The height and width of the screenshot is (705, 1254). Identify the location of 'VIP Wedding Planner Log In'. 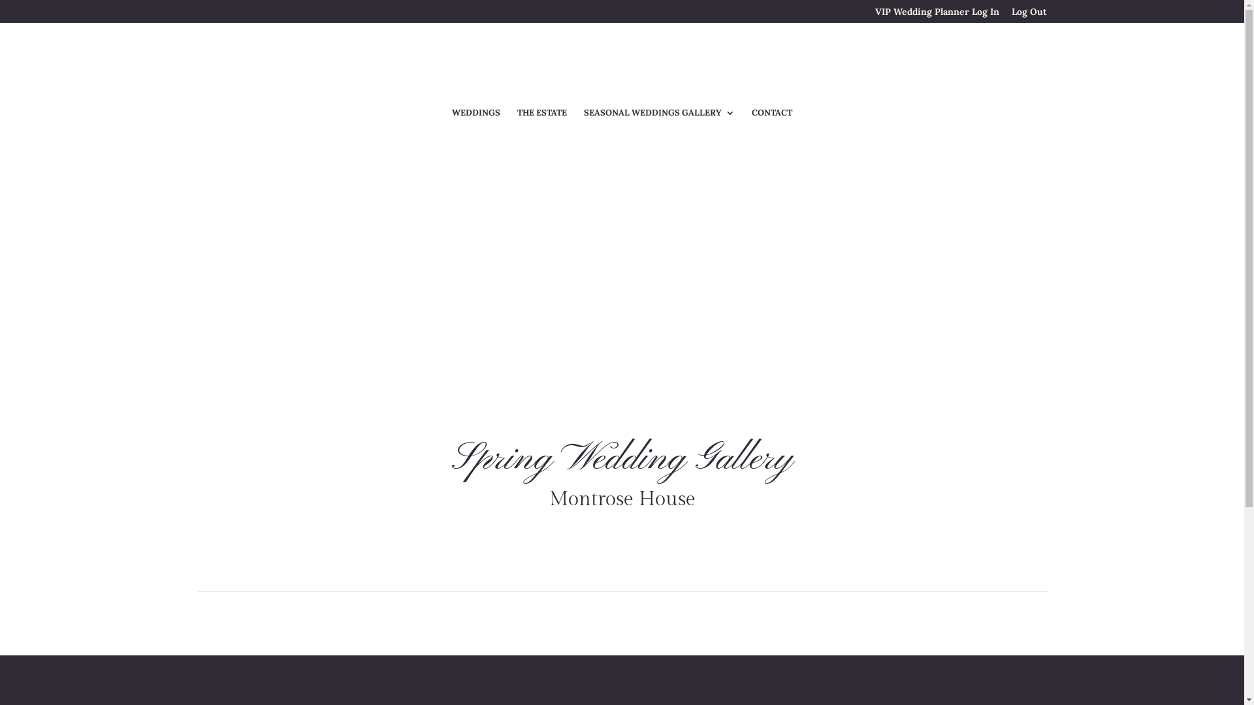
(937, 14).